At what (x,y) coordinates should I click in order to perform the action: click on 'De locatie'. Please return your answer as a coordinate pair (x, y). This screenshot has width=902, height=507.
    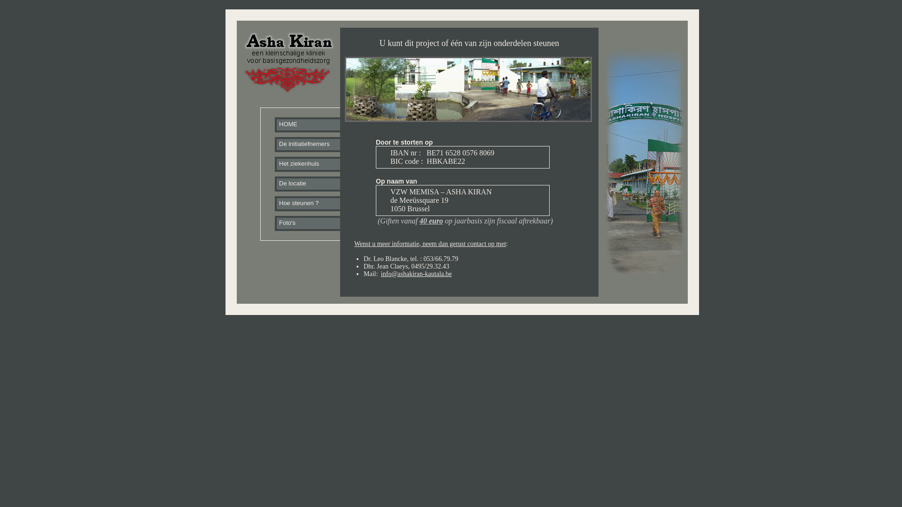
    Looking at the image, I should click on (276, 184).